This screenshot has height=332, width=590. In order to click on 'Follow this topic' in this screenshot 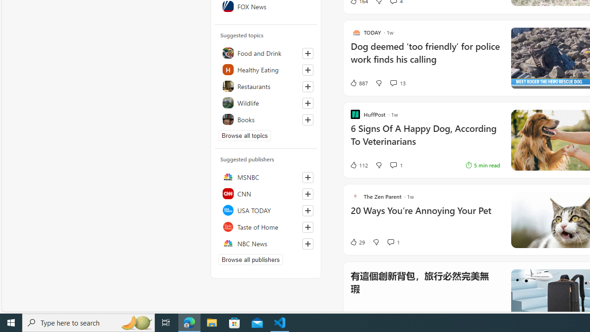, I will do `click(307, 119)`.